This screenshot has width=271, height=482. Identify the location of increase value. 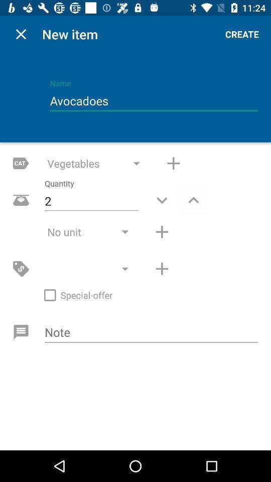
(193, 199).